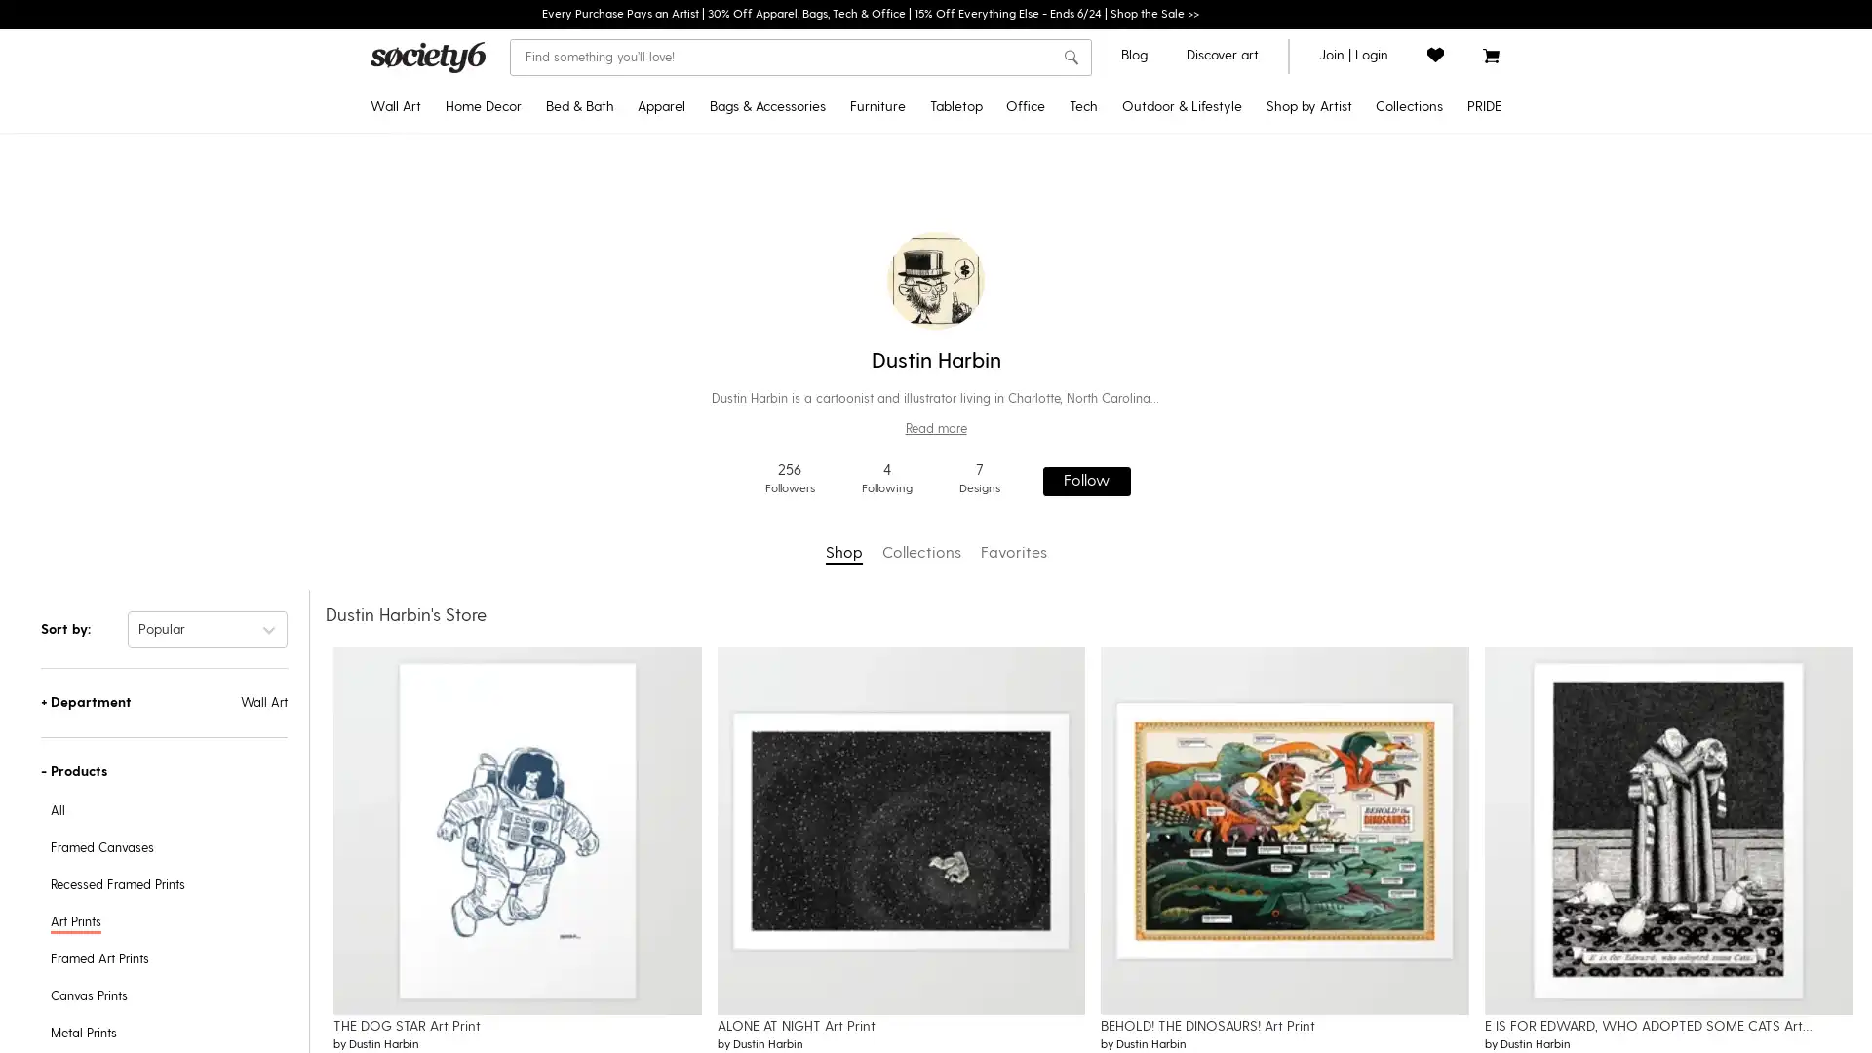 The height and width of the screenshot is (1053, 1872). I want to click on Artist Showcase, so click(1256, 375).